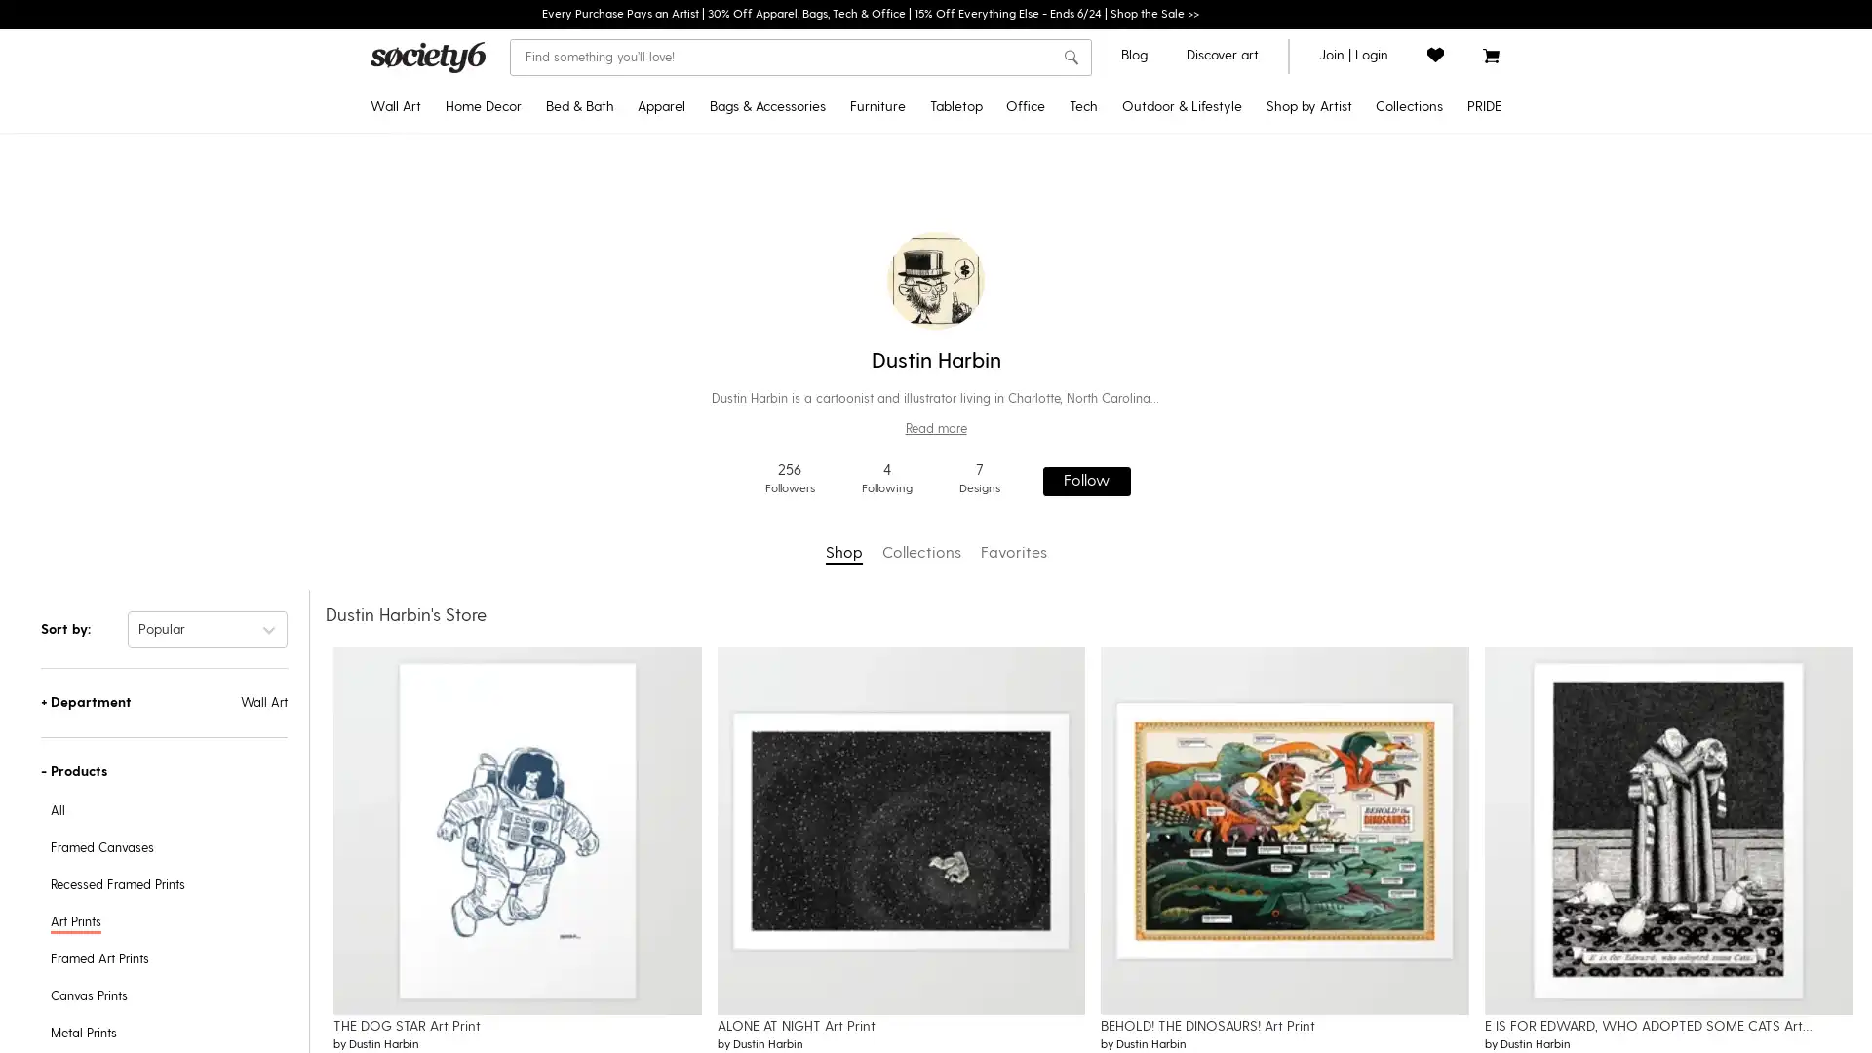 The height and width of the screenshot is (1053, 1872). I want to click on Artist Showcase, so click(1256, 375).